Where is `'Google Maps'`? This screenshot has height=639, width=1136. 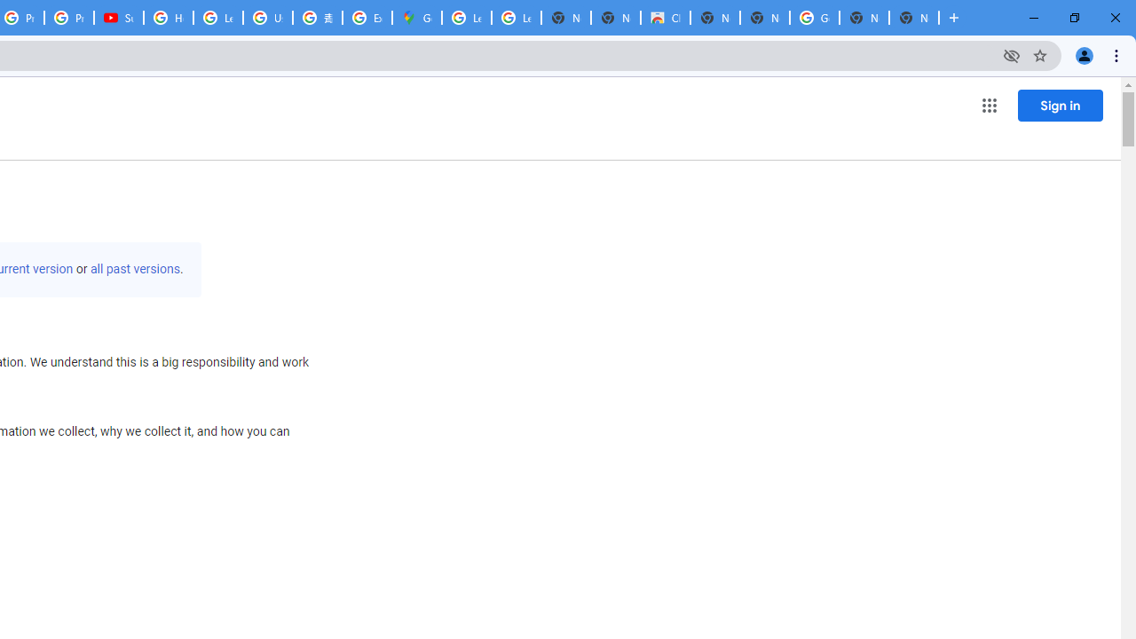 'Google Maps' is located at coordinates (415, 18).